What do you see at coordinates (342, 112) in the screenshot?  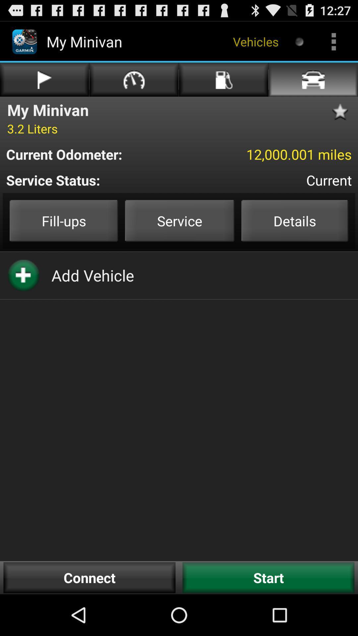 I see `favorite` at bounding box center [342, 112].